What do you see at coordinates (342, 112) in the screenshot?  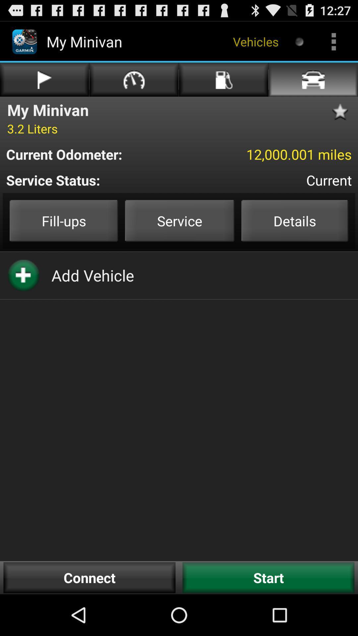 I see `favorite` at bounding box center [342, 112].